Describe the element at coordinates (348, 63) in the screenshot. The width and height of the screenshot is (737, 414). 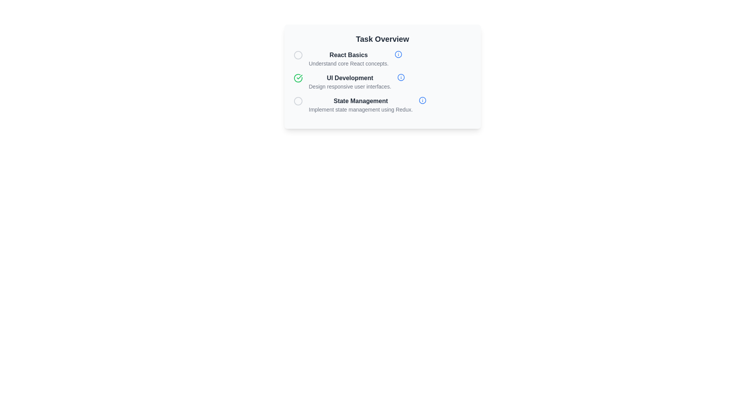
I see `the static text element displaying 'Understand core React concepts.' which is positioned below the heading 'React Basics' in the 'Task Overview' card` at that location.